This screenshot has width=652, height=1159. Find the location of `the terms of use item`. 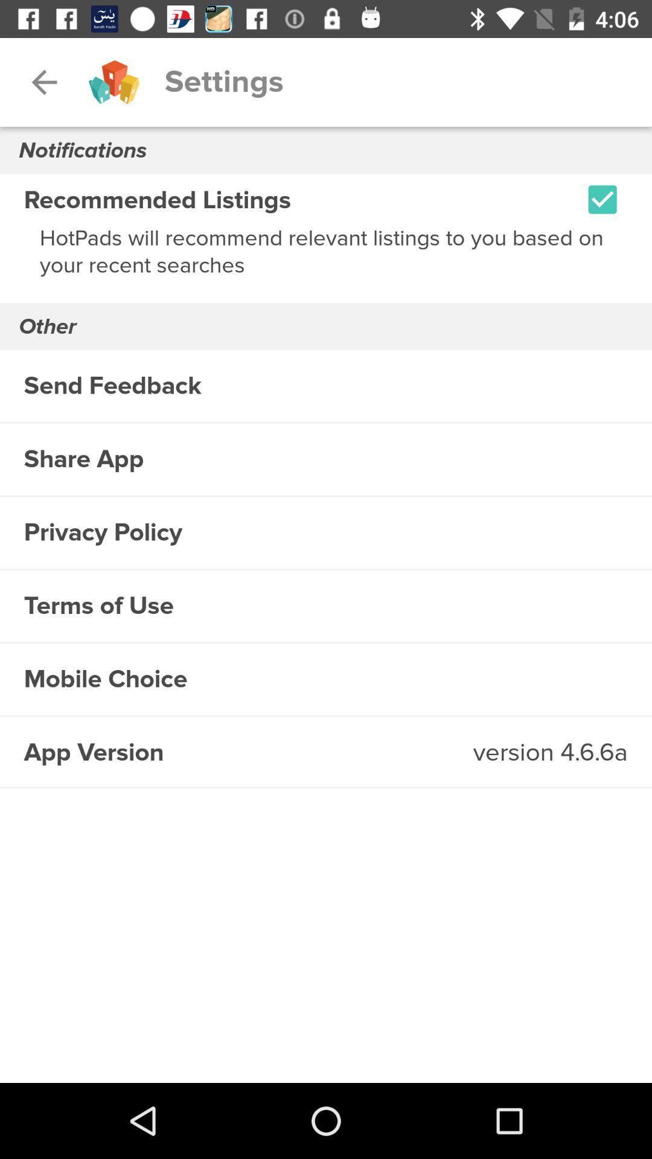

the terms of use item is located at coordinates (326, 606).